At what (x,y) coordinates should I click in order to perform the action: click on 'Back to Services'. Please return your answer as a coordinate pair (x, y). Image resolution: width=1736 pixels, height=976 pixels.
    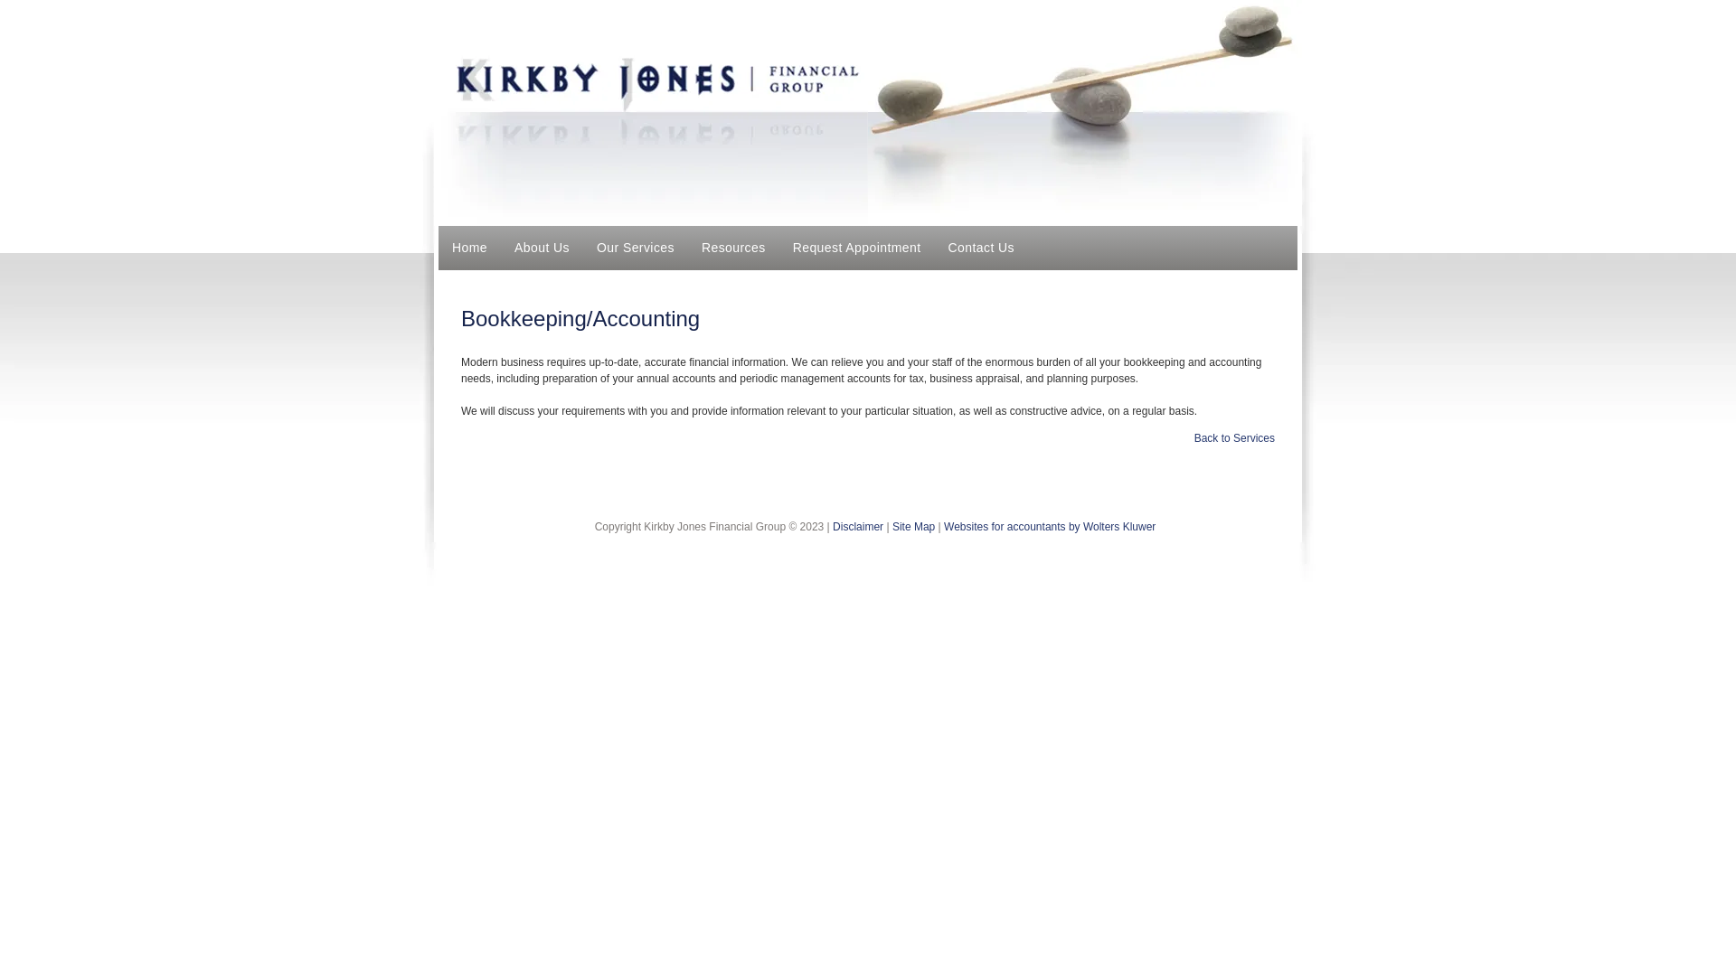
    Looking at the image, I should click on (1233, 438).